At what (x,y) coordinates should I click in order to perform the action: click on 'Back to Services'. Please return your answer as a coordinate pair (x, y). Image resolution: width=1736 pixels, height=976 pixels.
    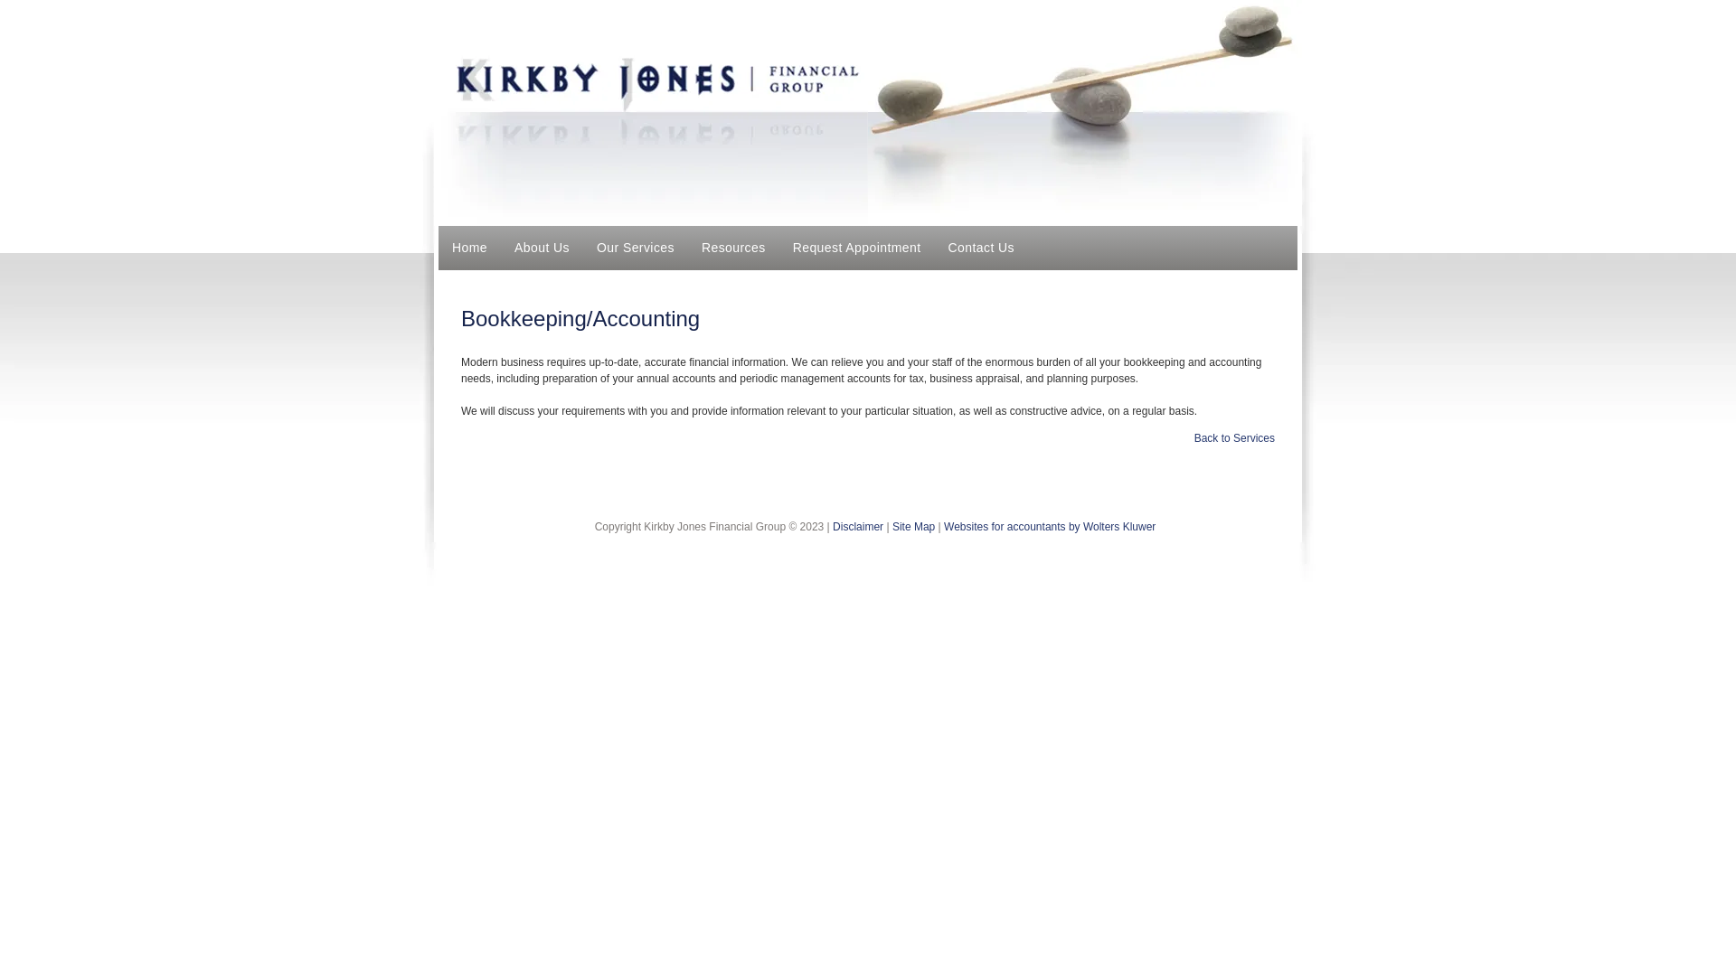
    Looking at the image, I should click on (1233, 438).